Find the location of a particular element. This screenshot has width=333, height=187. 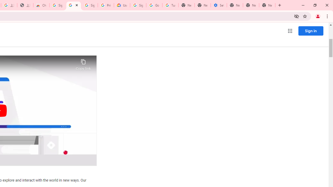

'Chrome Web Store - Color themes by Chrome' is located at coordinates (41, 5).